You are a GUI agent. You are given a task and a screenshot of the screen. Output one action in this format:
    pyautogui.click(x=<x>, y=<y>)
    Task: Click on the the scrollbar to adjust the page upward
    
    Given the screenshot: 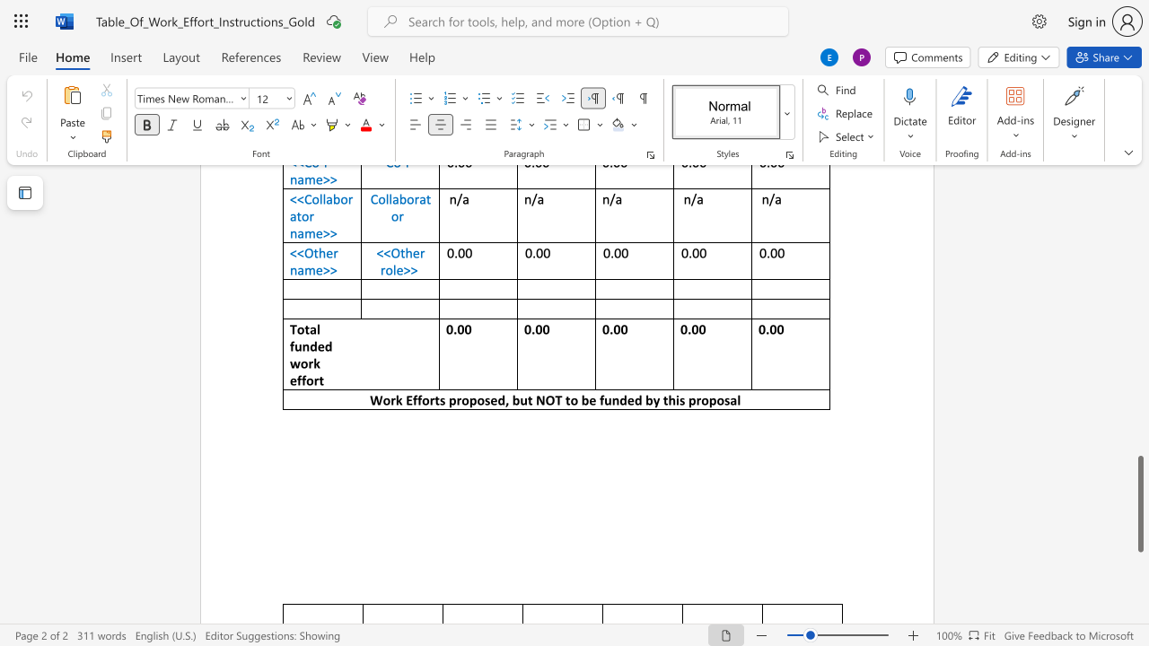 What is the action you would take?
    pyautogui.click(x=1139, y=393)
    